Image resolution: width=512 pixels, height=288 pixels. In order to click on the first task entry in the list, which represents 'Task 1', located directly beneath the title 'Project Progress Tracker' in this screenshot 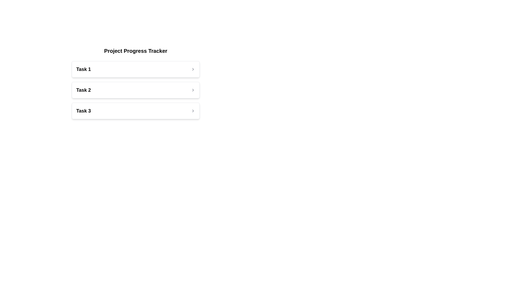, I will do `click(135, 69)`.